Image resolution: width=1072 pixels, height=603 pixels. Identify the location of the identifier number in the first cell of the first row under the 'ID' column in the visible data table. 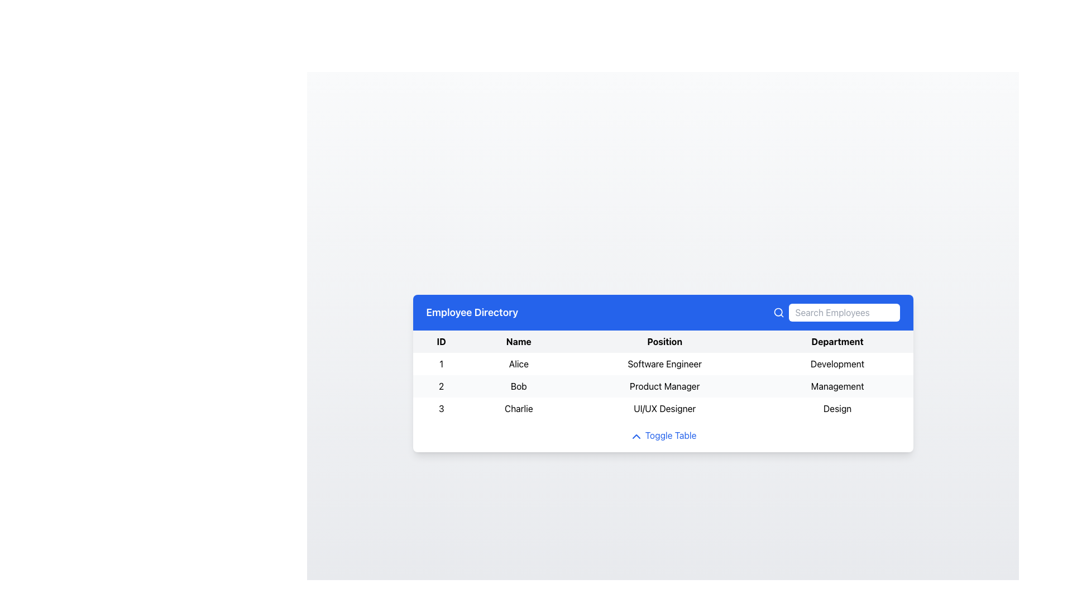
(441, 364).